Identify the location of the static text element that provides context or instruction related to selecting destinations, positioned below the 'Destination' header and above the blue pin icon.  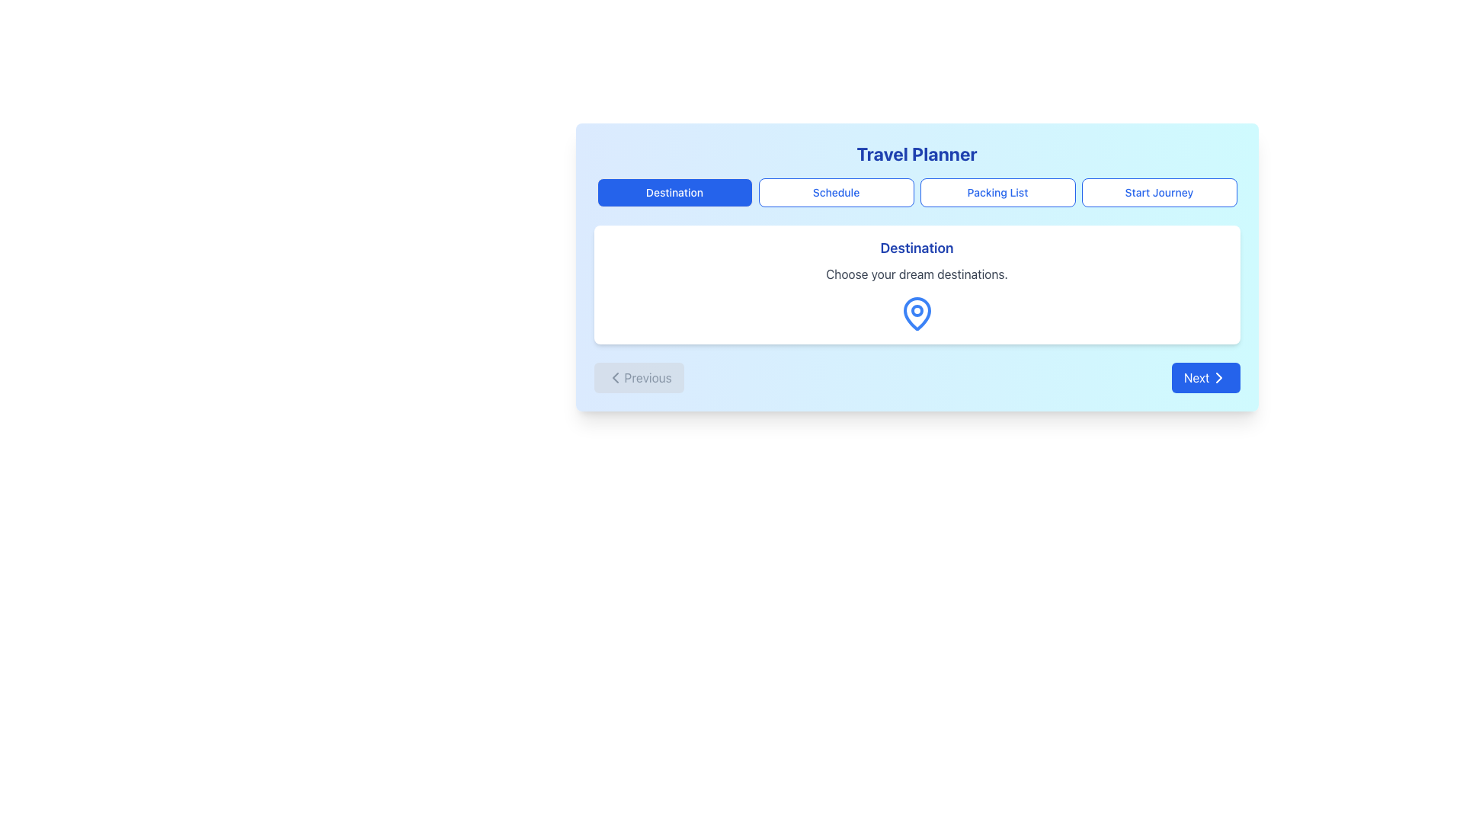
(916, 273).